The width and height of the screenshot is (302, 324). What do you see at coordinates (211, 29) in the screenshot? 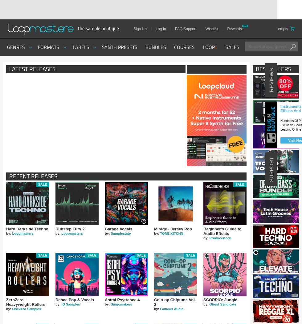
I see `'Wishlist'` at bounding box center [211, 29].